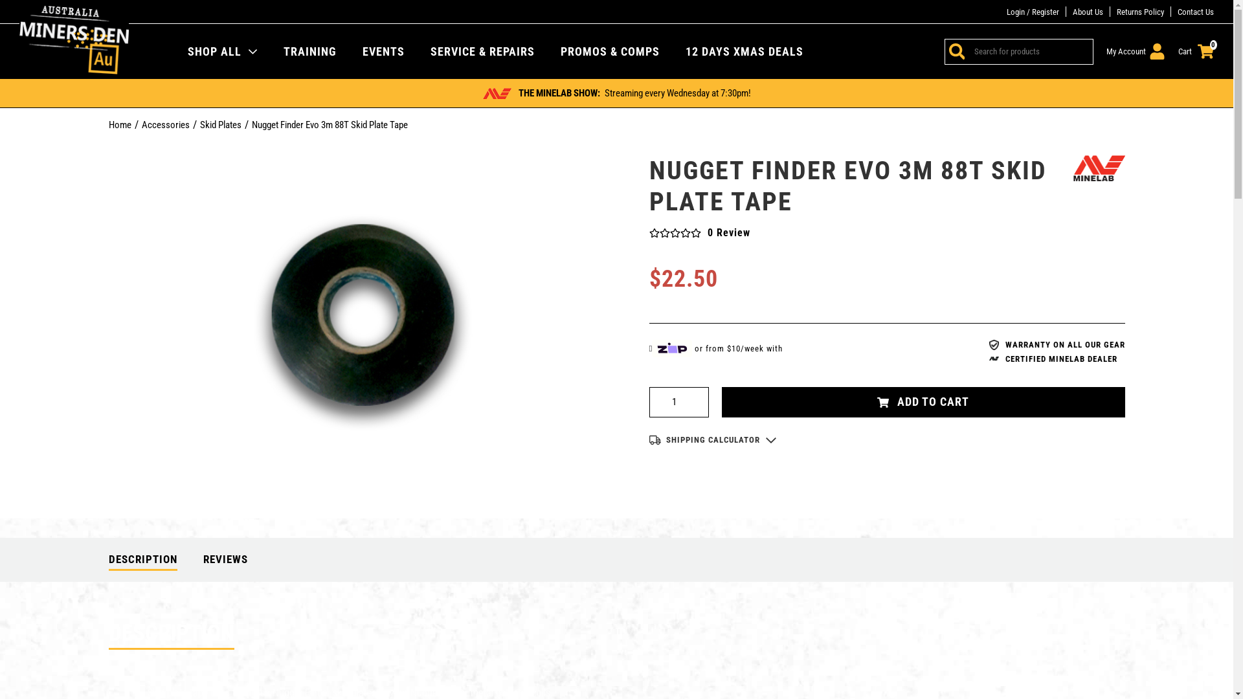 The image size is (1243, 699). I want to click on 'About Us', so click(1088, 12).